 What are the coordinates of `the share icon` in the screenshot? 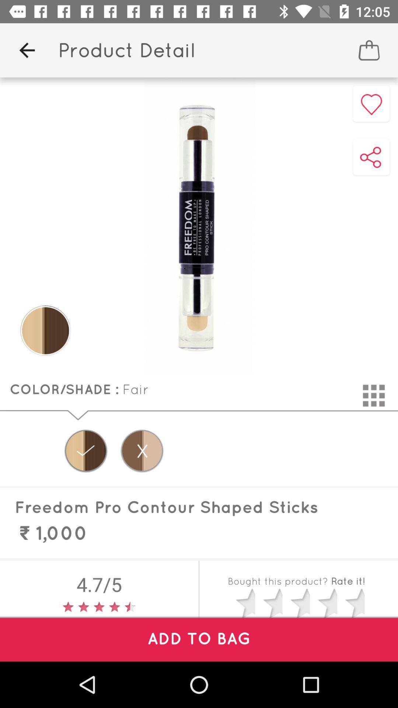 It's located at (371, 157).